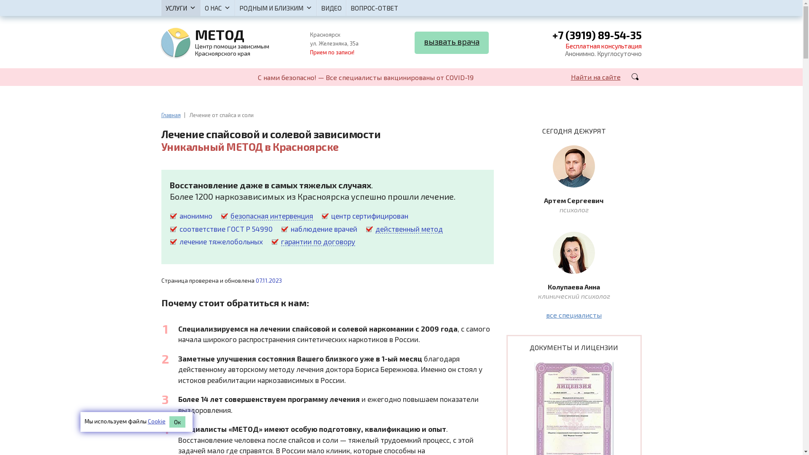 This screenshot has height=455, width=809. I want to click on '+7 (3919) 89-54-35', so click(596, 35).